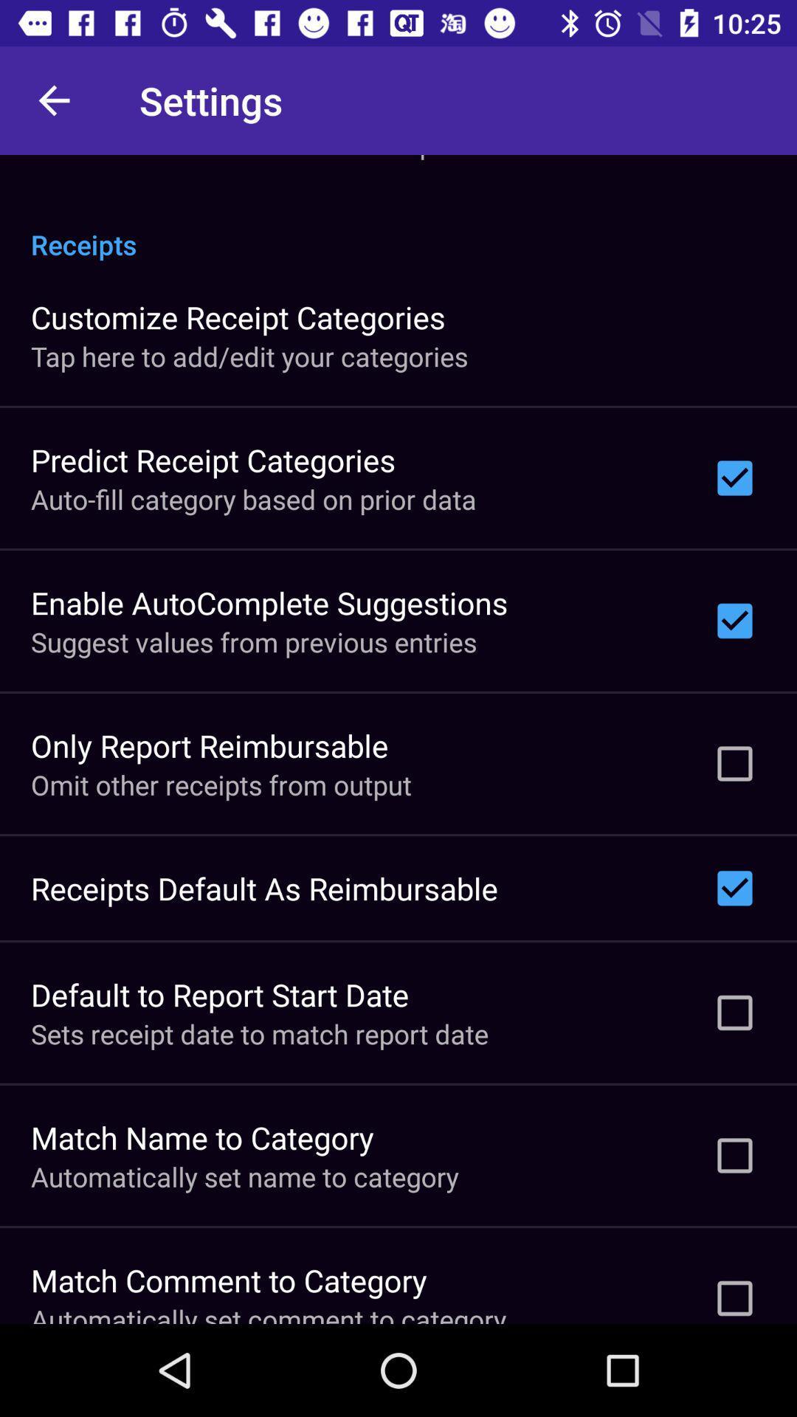  What do you see at coordinates (259, 1033) in the screenshot?
I see `the sets receipt date item` at bounding box center [259, 1033].